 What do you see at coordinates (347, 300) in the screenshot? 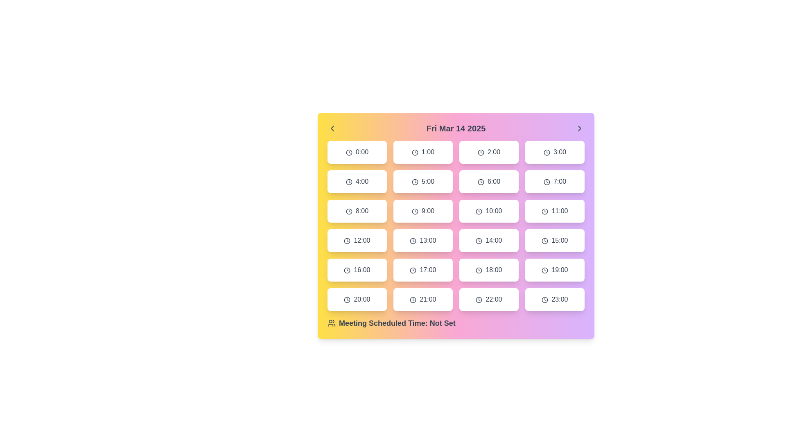
I see `the SVG circle located inside the clock icon associated with the '20:00' time entry in the bottom-left corner of the grid component` at bounding box center [347, 300].